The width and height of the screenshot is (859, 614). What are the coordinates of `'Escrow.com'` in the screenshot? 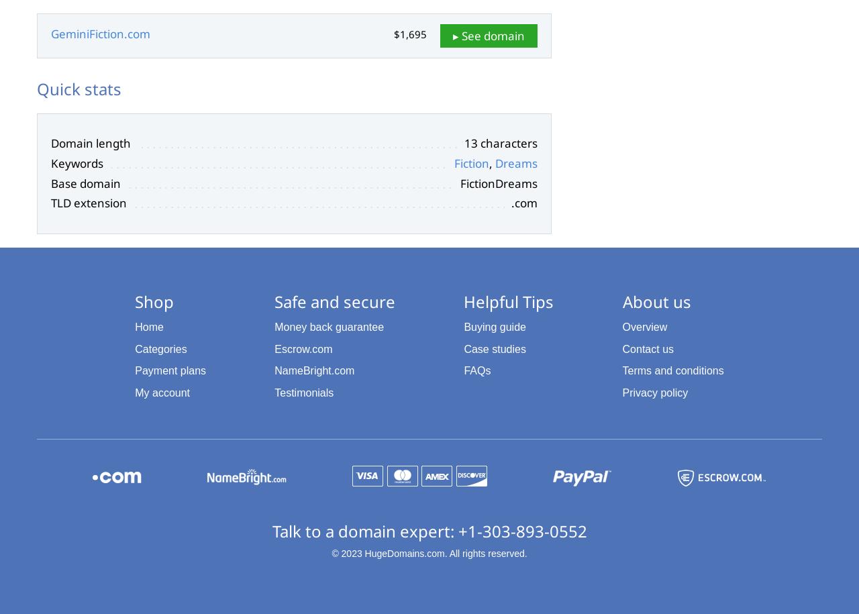 It's located at (302, 348).